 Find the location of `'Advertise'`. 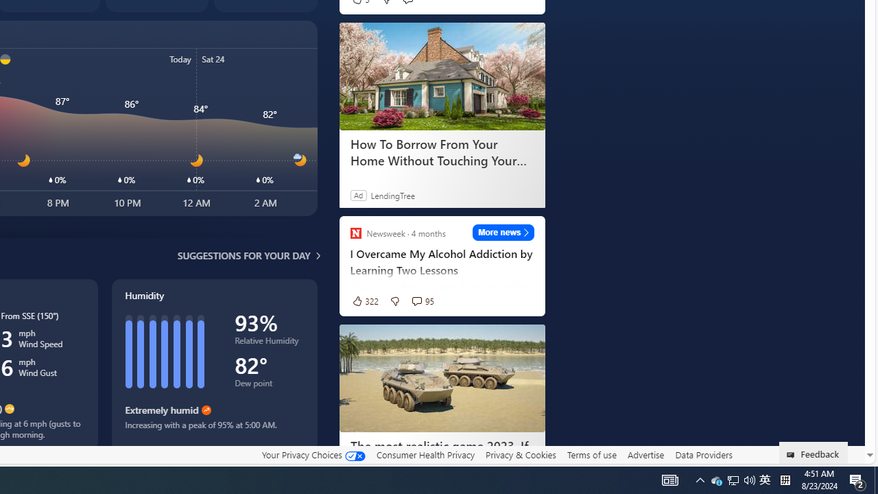

'Advertise' is located at coordinates (645, 455).